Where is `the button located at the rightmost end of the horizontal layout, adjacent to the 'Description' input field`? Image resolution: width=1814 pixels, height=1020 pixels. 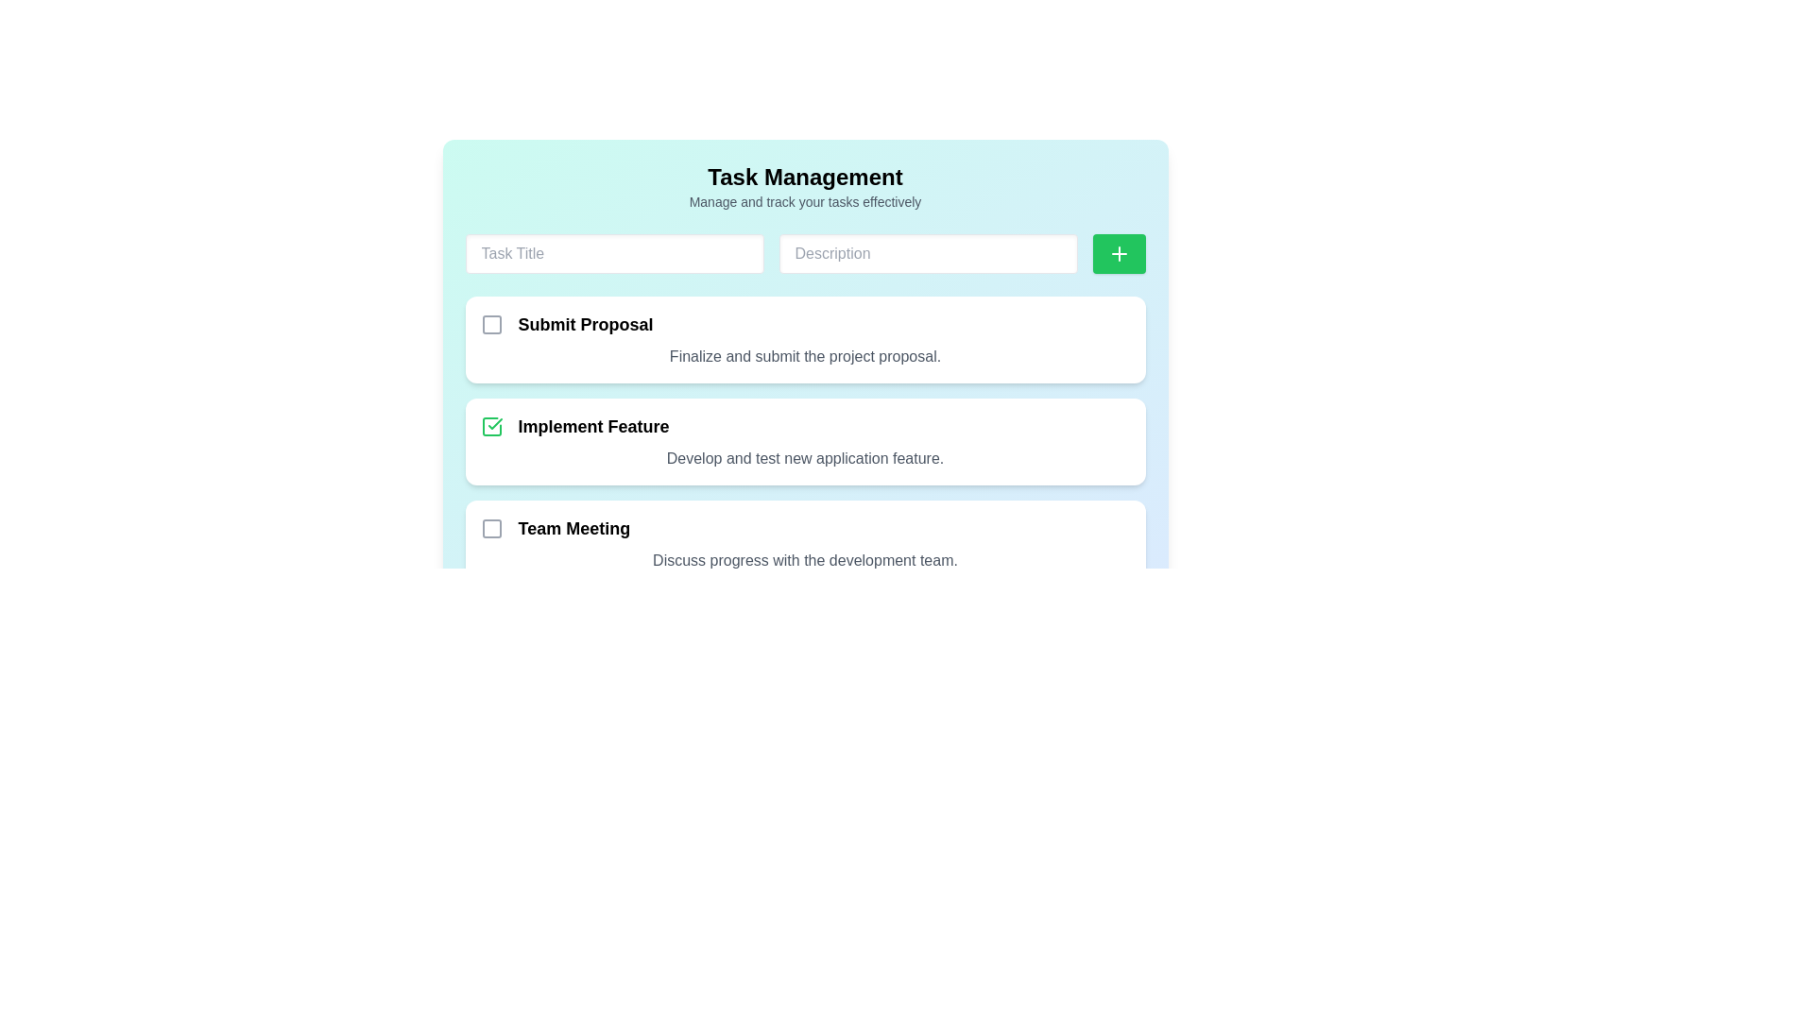
the button located at the rightmost end of the horizontal layout, adjacent to the 'Description' input field is located at coordinates (1119, 253).